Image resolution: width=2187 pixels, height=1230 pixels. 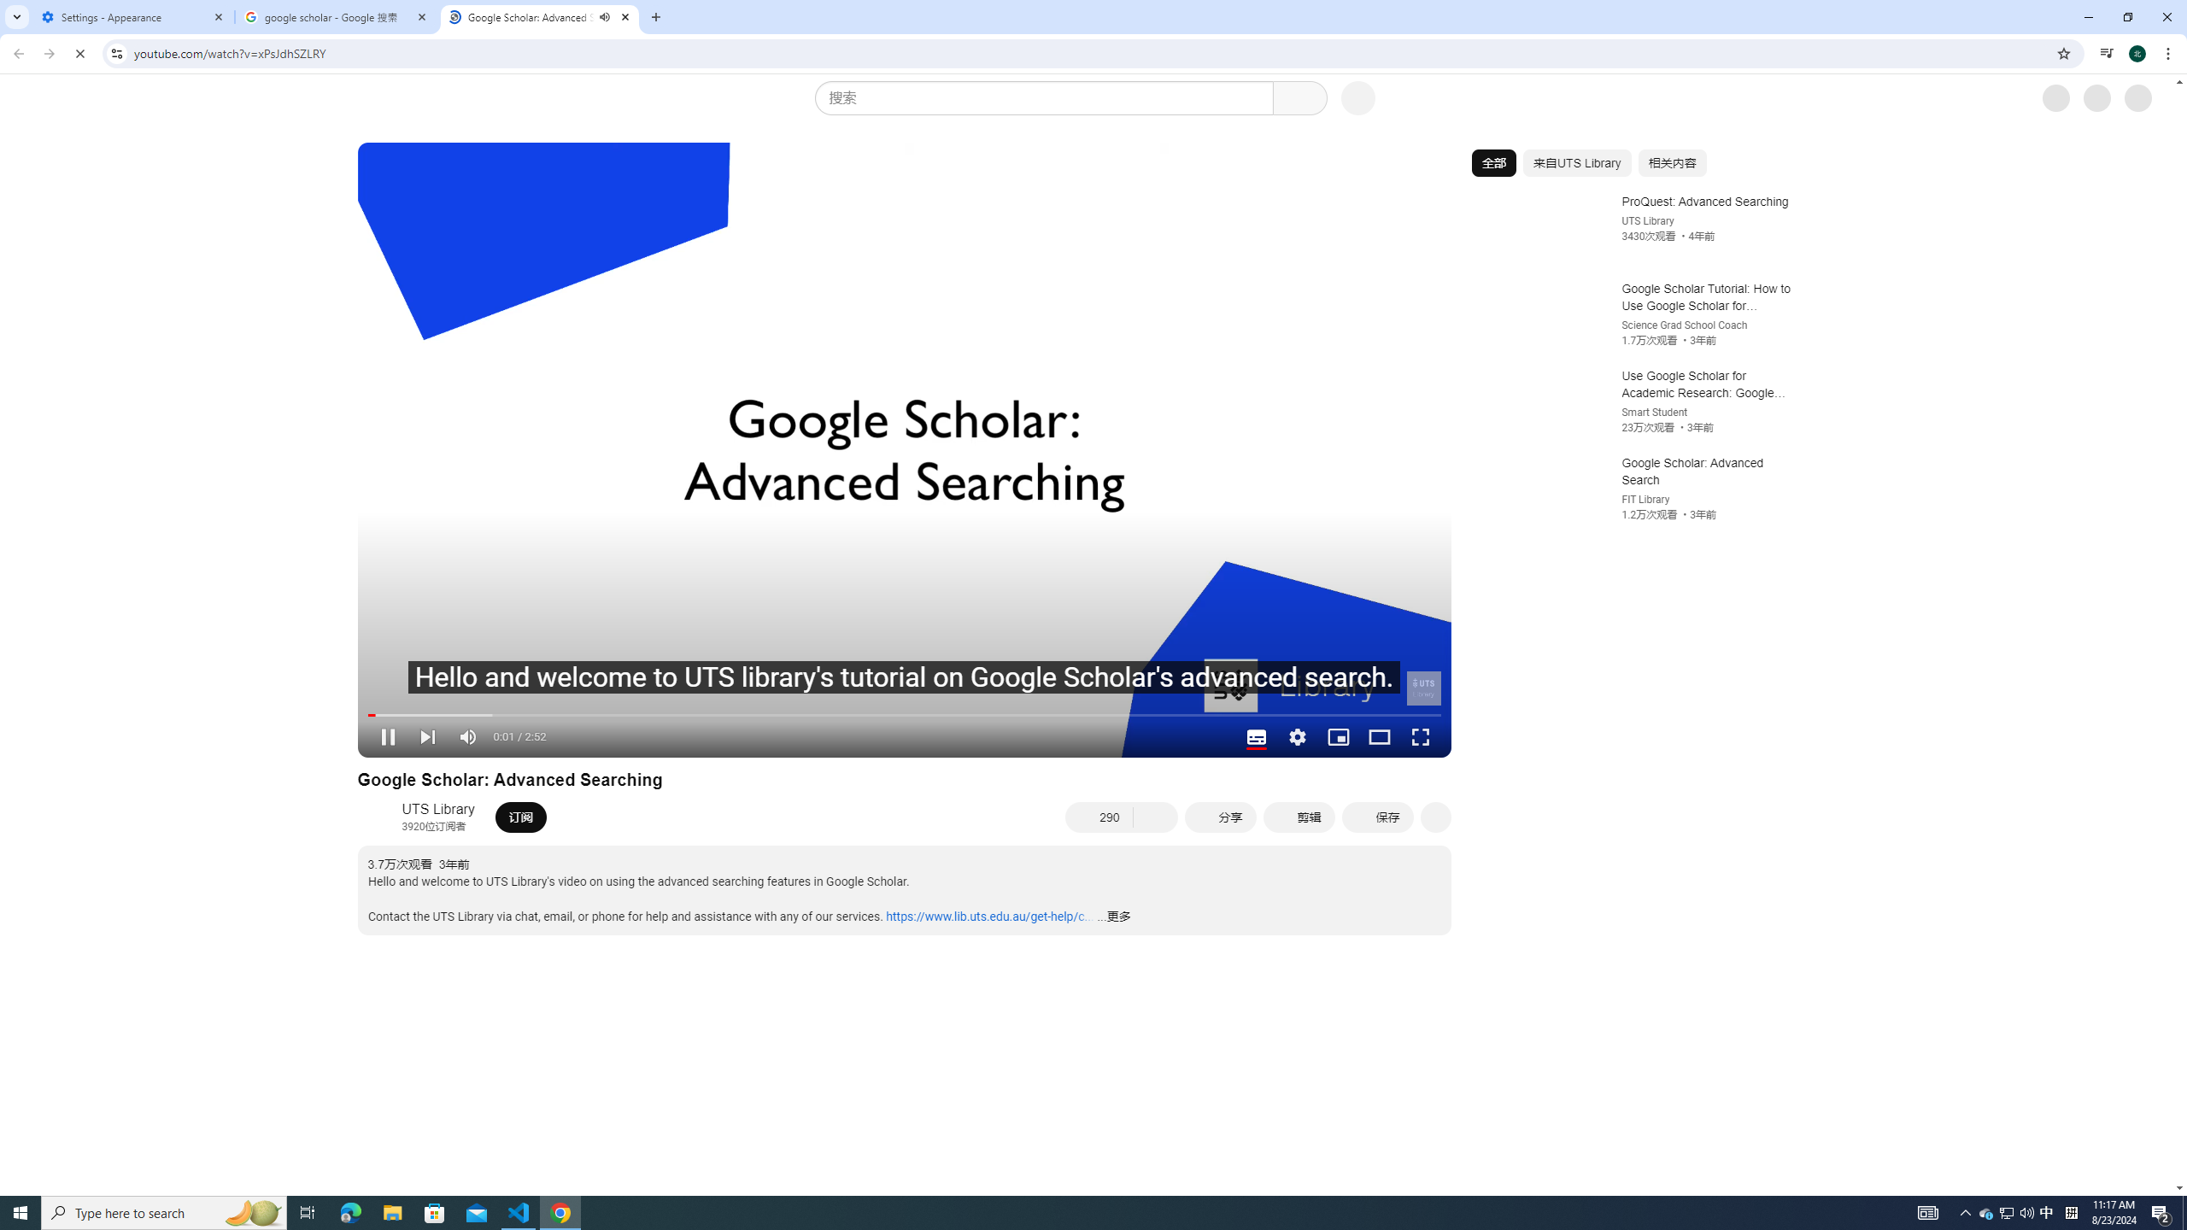 I want to click on 'UTS Library', so click(x=438, y=808).